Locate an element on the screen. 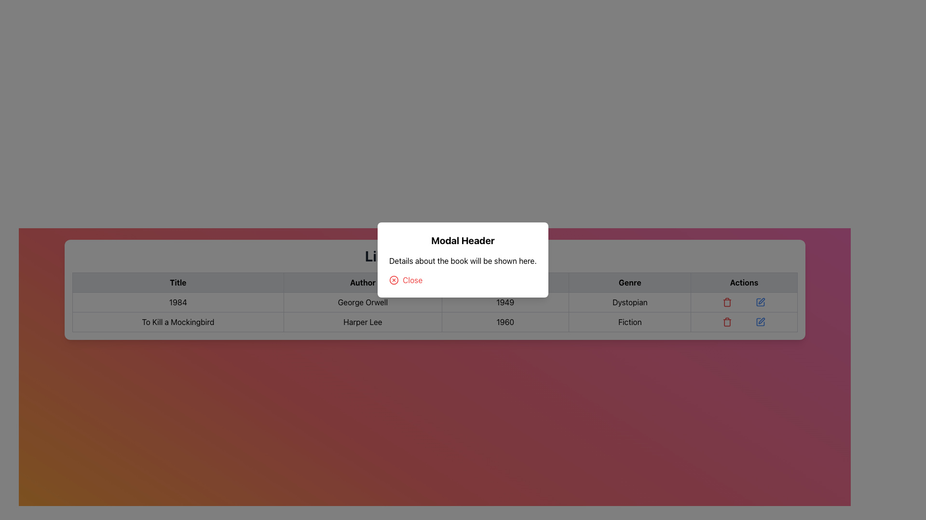  the red trash icon button for deleting the book '1984' is located at coordinates (727, 302).